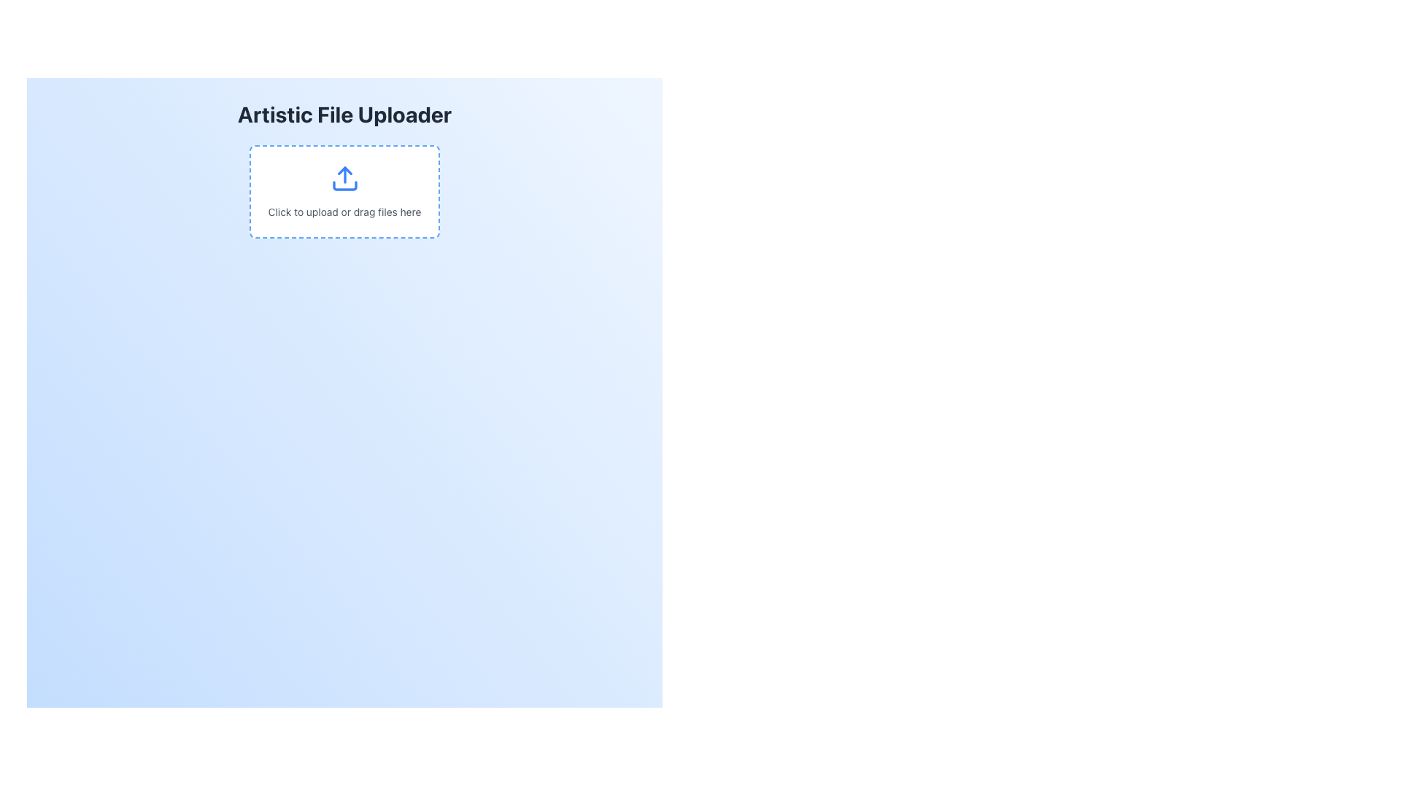 The image size is (1401, 788). What do you see at coordinates (344, 169) in the screenshot?
I see `within the dashed rectangular area of the 'Artistic File Uploader' to initiate file upload` at bounding box center [344, 169].